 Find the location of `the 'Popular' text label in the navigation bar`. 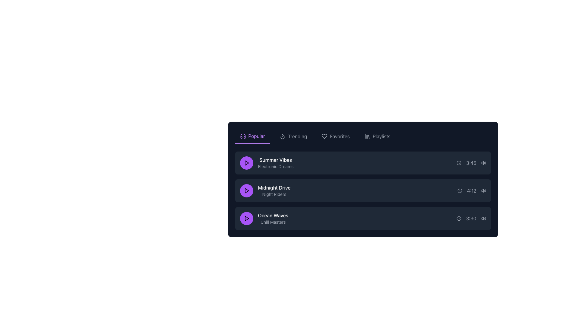

the 'Popular' text label in the navigation bar is located at coordinates (257, 136).